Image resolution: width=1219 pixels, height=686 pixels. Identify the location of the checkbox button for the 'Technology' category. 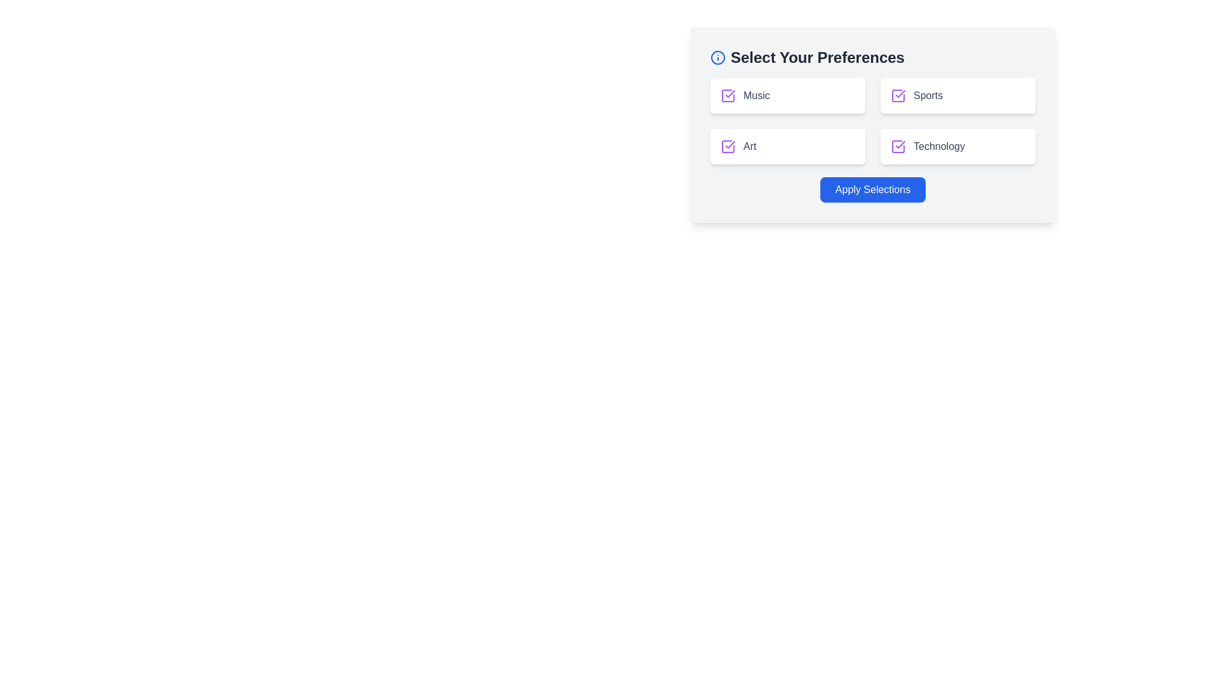
(957, 146).